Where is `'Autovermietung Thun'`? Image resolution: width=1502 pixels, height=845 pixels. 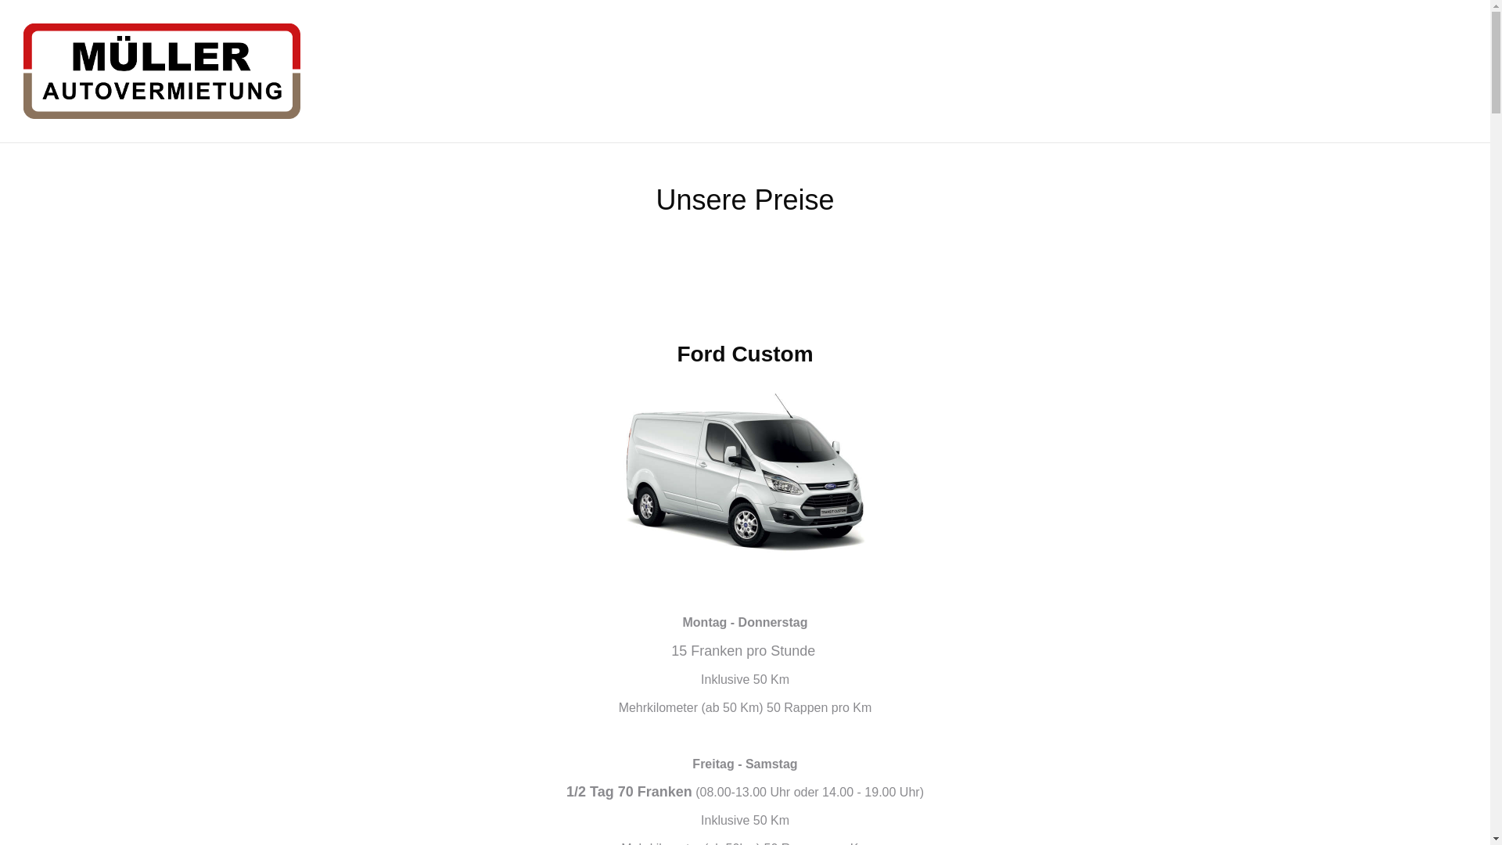
'Autovermietung Thun' is located at coordinates (161, 71).